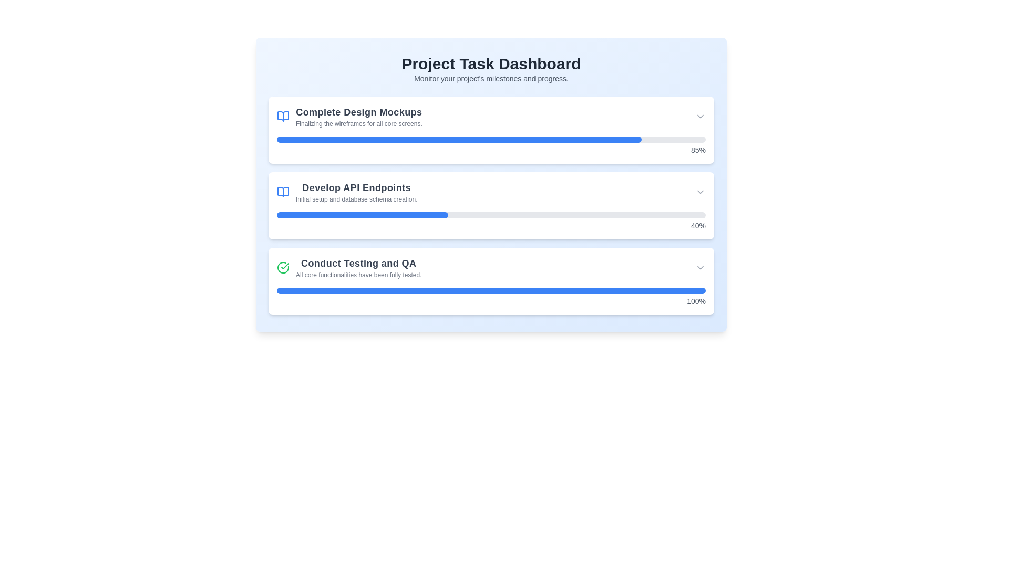  What do you see at coordinates (491, 214) in the screenshot?
I see `the Progress bar located in the 'Develop API Endpoints' section, directly below the 'Initial setup and database schema creation' text, which visually represents the task completion at 40%` at bounding box center [491, 214].